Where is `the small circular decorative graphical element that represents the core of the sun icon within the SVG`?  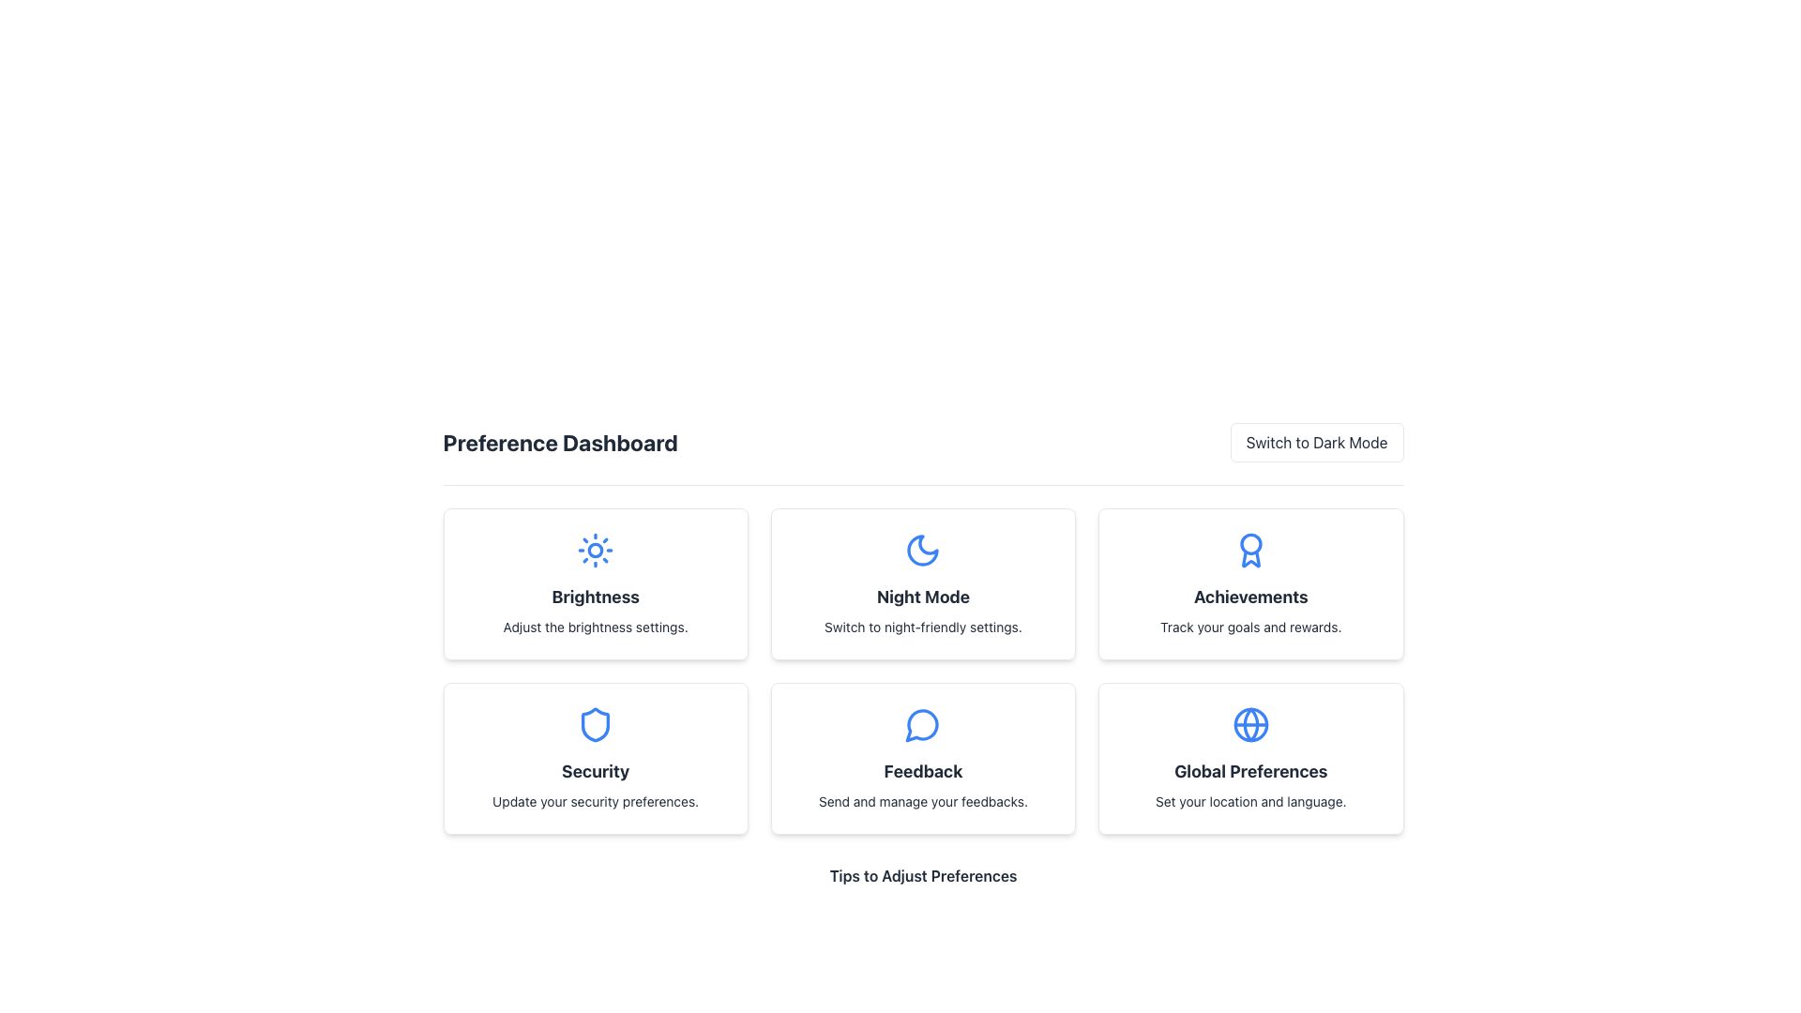
the small circular decorative graphical element that represents the core of the sun icon within the SVG is located at coordinates (595, 549).